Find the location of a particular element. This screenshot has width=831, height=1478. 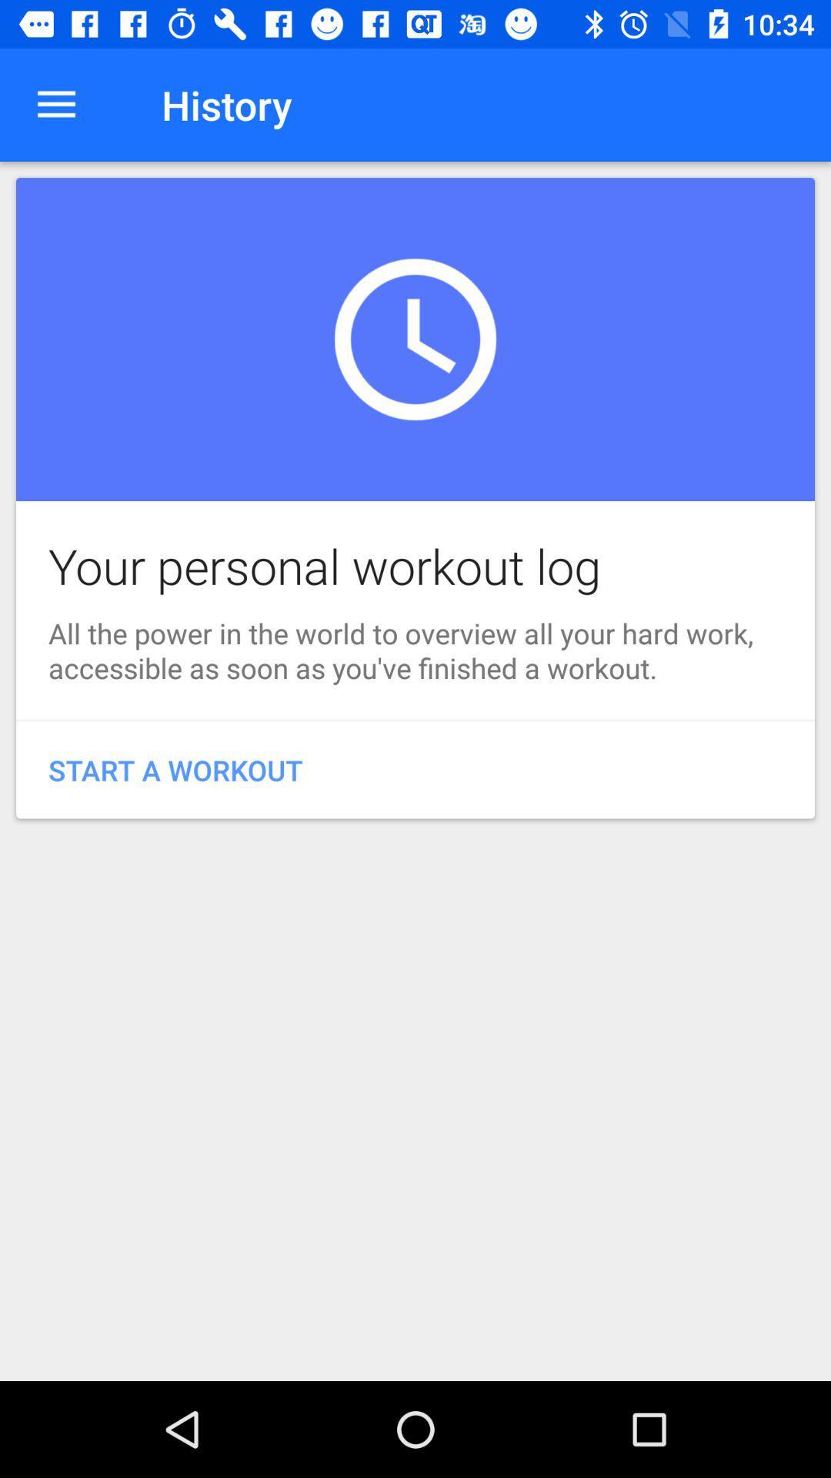

the icon next to the history is located at coordinates (55, 104).